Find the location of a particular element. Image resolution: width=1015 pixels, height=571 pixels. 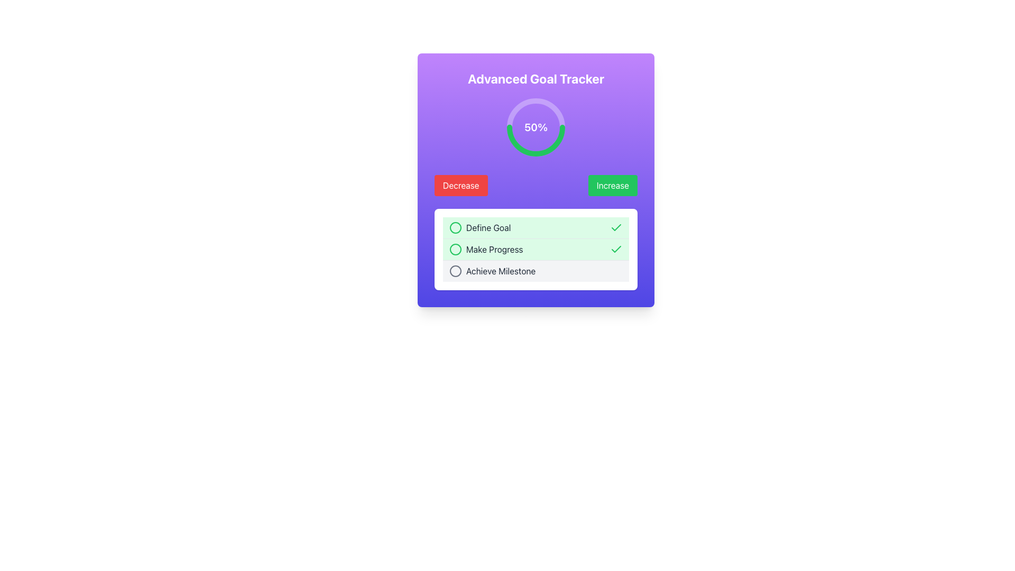

the green checkmark icon indicating completion, located to the far-right of the 'Make Progress' text, to check its state is located at coordinates (616, 249).